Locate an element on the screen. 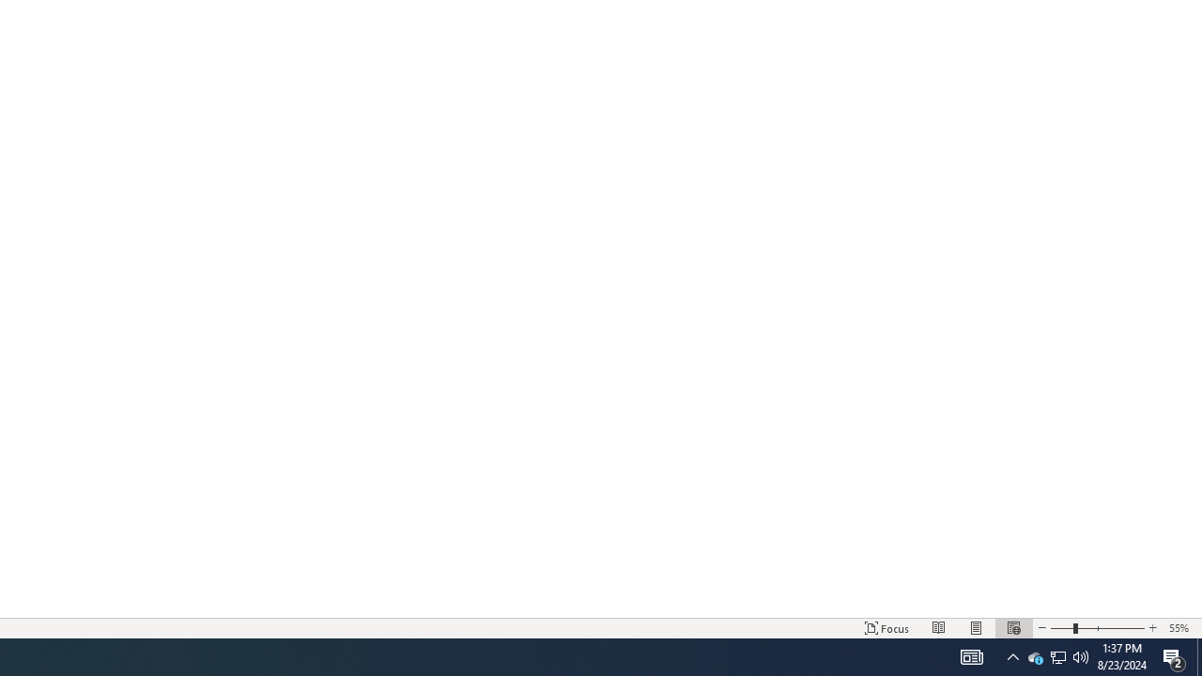 The width and height of the screenshot is (1202, 676). 'Zoom 55%' is located at coordinates (1180, 628).